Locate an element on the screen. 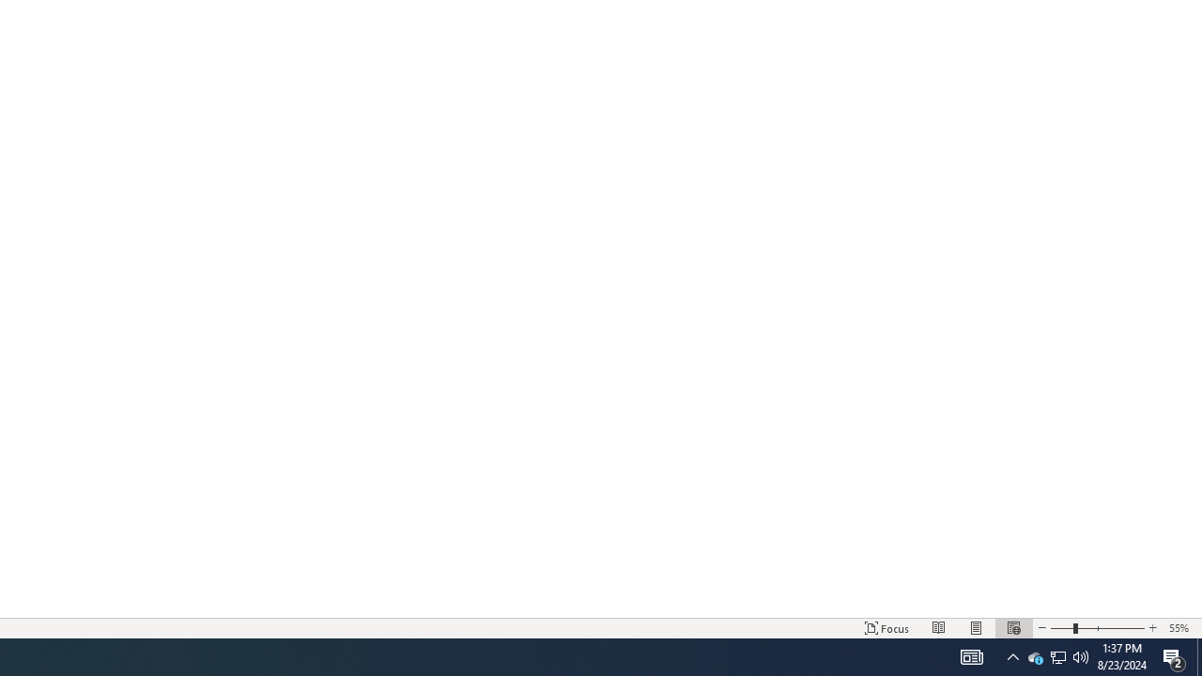 The width and height of the screenshot is (1202, 676). 'Zoom 55%' is located at coordinates (1180, 628).